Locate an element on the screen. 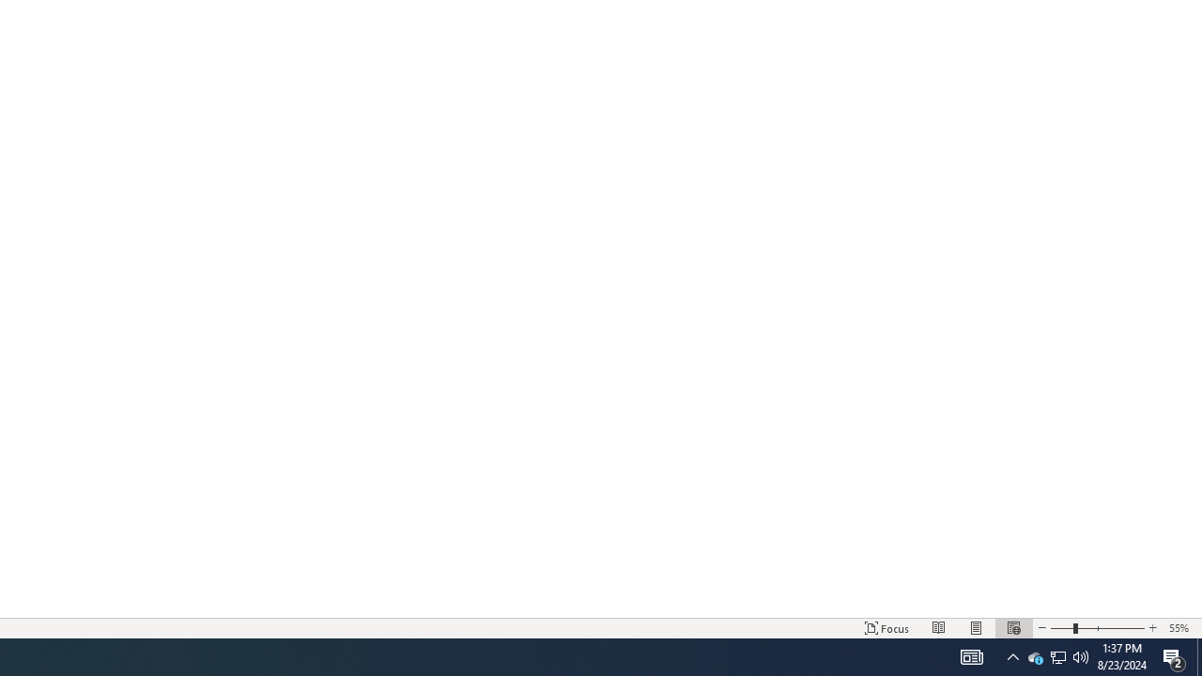 The width and height of the screenshot is (1202, 676). 'Zoom 55%' is located at coordinates (1180, 628).